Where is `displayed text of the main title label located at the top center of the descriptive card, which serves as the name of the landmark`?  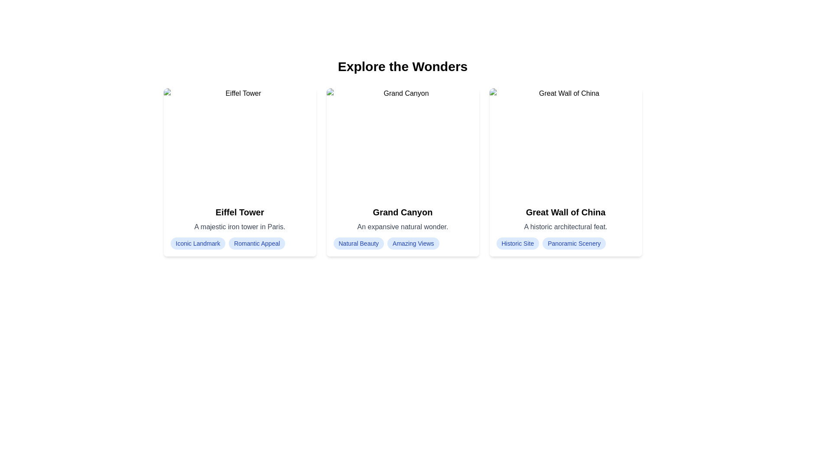
displayed text of the main title label located at the top center of the descriptive card, which serves as the name of the landmark is located at coordinates (240, 212).